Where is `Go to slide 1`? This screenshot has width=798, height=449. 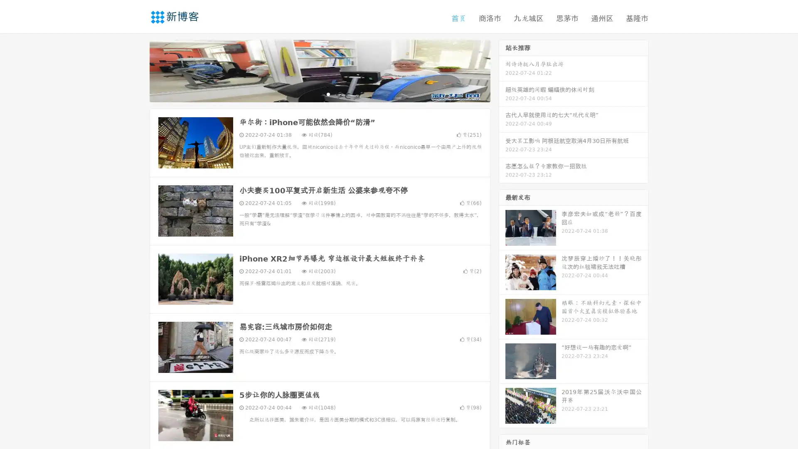 Go to slide 1 is located at coordinates (311, 94).